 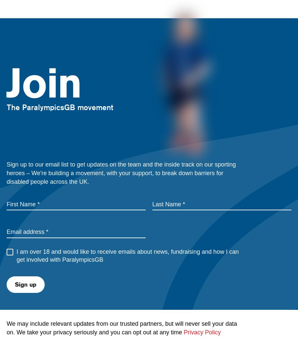 I want to click on 'Sign up to our email list to get updates on the team and the
                    inside track on our sporting heroes – We're building a
                    movement, with your support, to break down barriers for
                    disabled people across the UK.', so click(x=121, y=172).